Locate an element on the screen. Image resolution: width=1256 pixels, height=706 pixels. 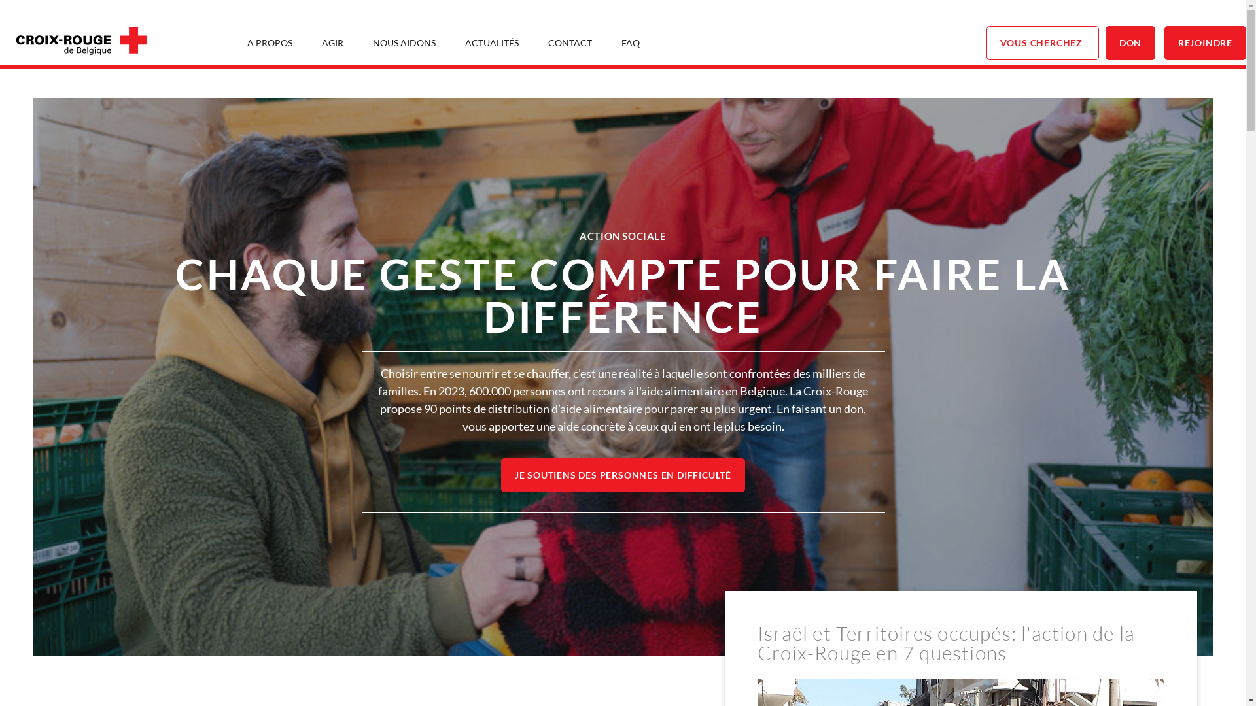
'NOS PRINCIPES' is located at coordinates (307, 82).